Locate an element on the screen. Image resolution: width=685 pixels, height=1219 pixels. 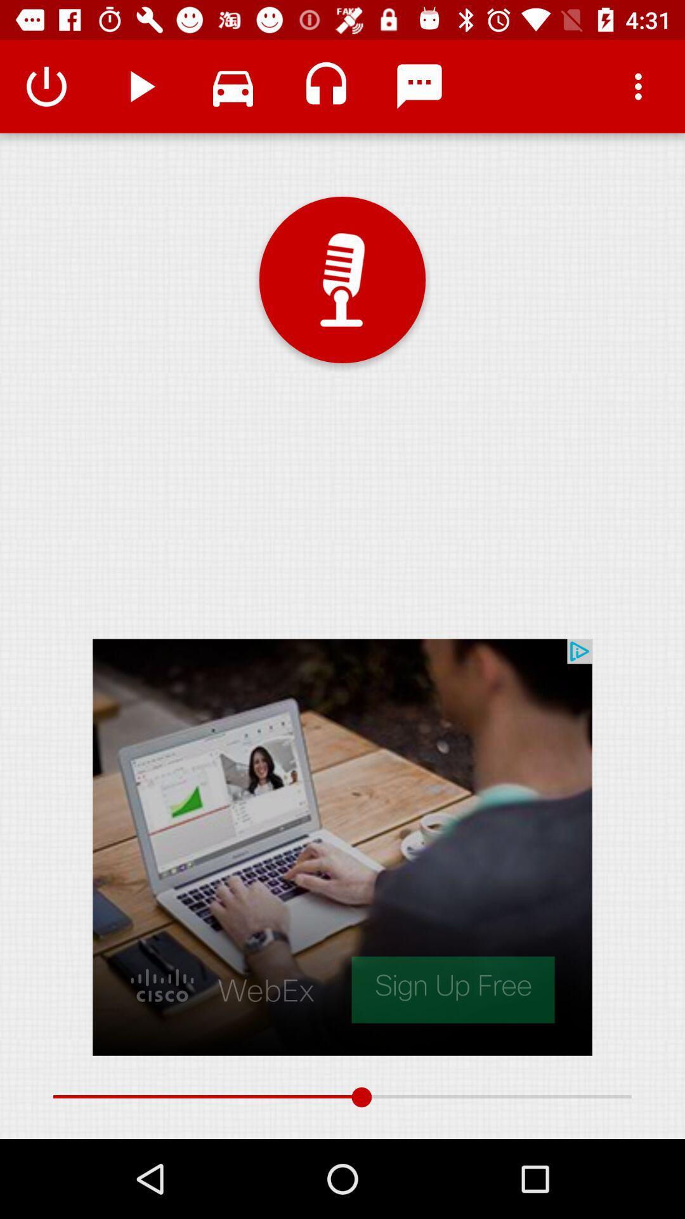
the play icon is located at coordinates (140, 86).